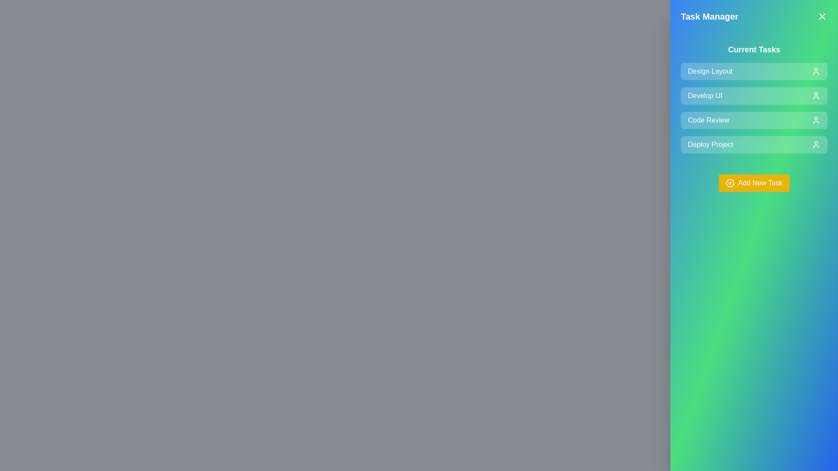  What do you see at coordinates (709, 17) in the screenshot?
I see `the 'Task Manager' text label displayed in bold white font against a blue and green gradient background, located near the top-left corner of the side panel` at bounding box center [709, 17].